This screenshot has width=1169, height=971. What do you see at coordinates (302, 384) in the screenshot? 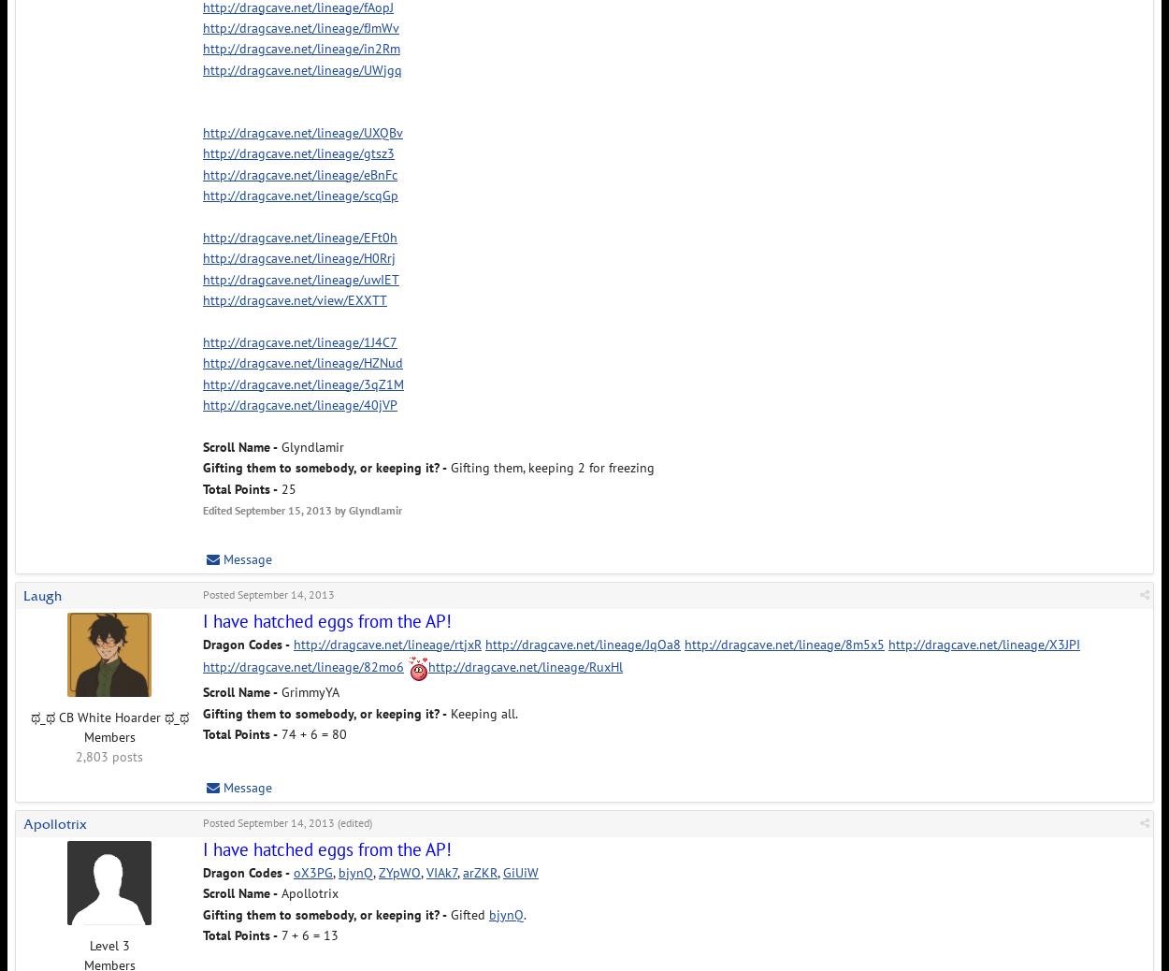
I see `'http://dragcave.net/lineage/3qZ1M'` at bounding box center [302, 384].